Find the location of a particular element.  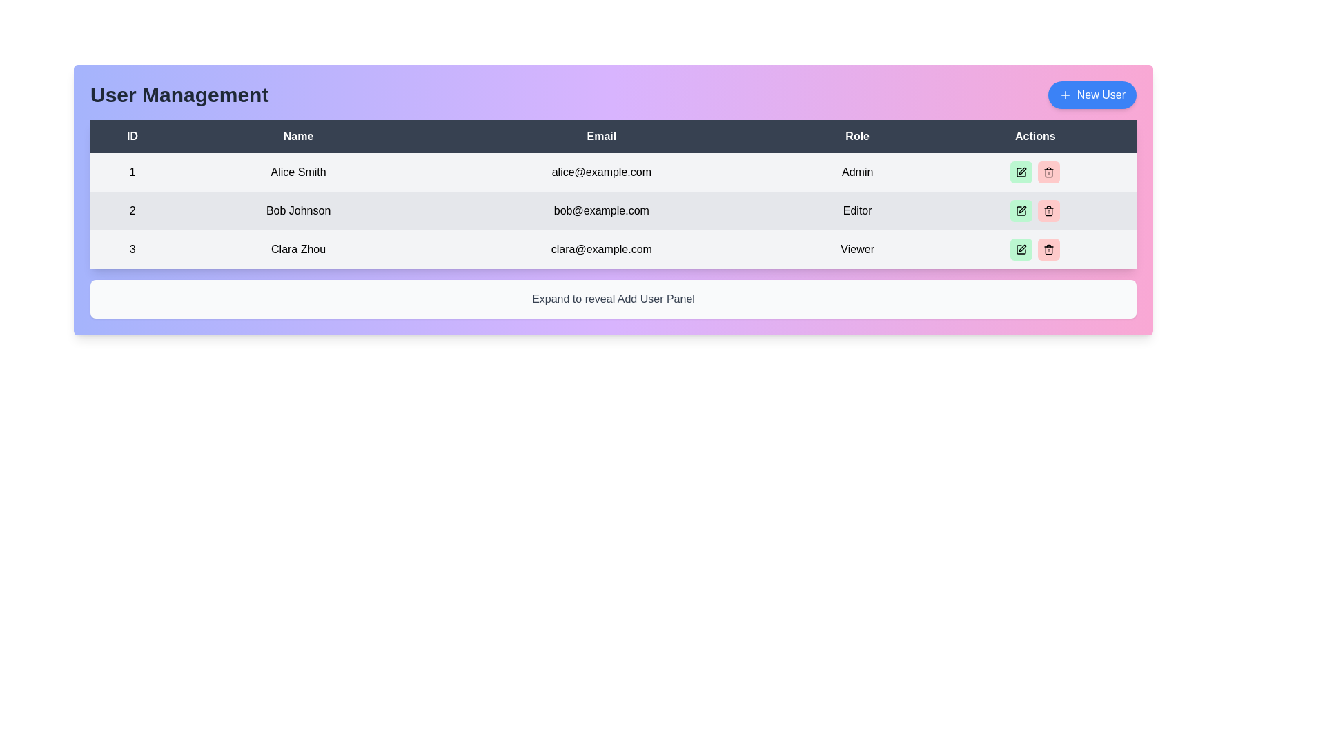

the read-only text element displaying the email address of Clara Zhou, located in the third row of the table under the 'Email' column is located at coordinates (601, 250).